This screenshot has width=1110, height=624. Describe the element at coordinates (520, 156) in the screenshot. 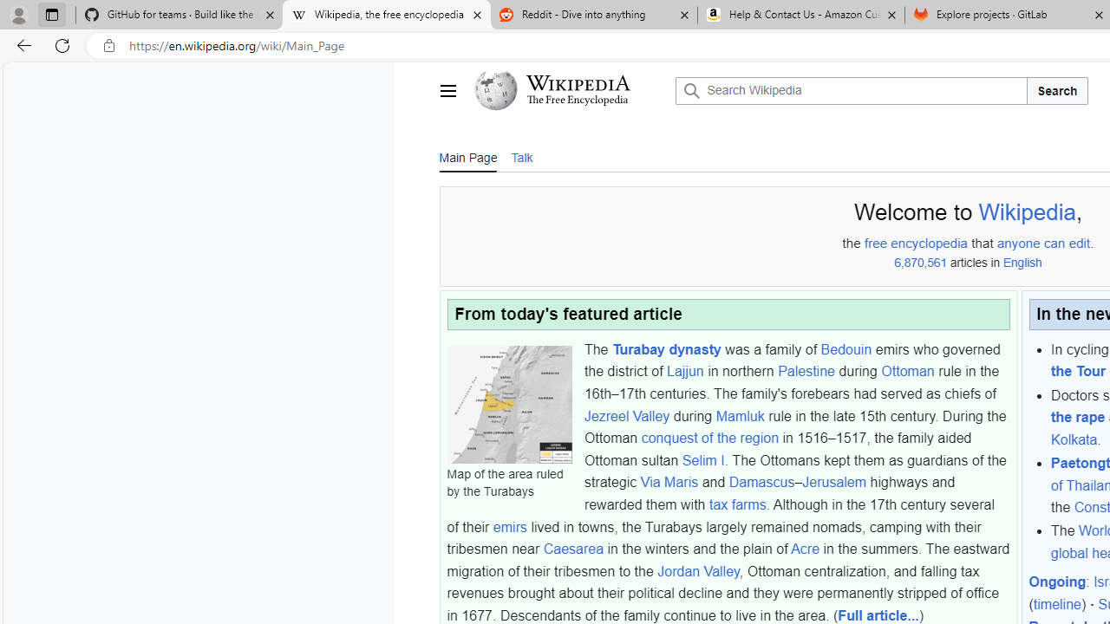

I see `'Talk'` at that location.